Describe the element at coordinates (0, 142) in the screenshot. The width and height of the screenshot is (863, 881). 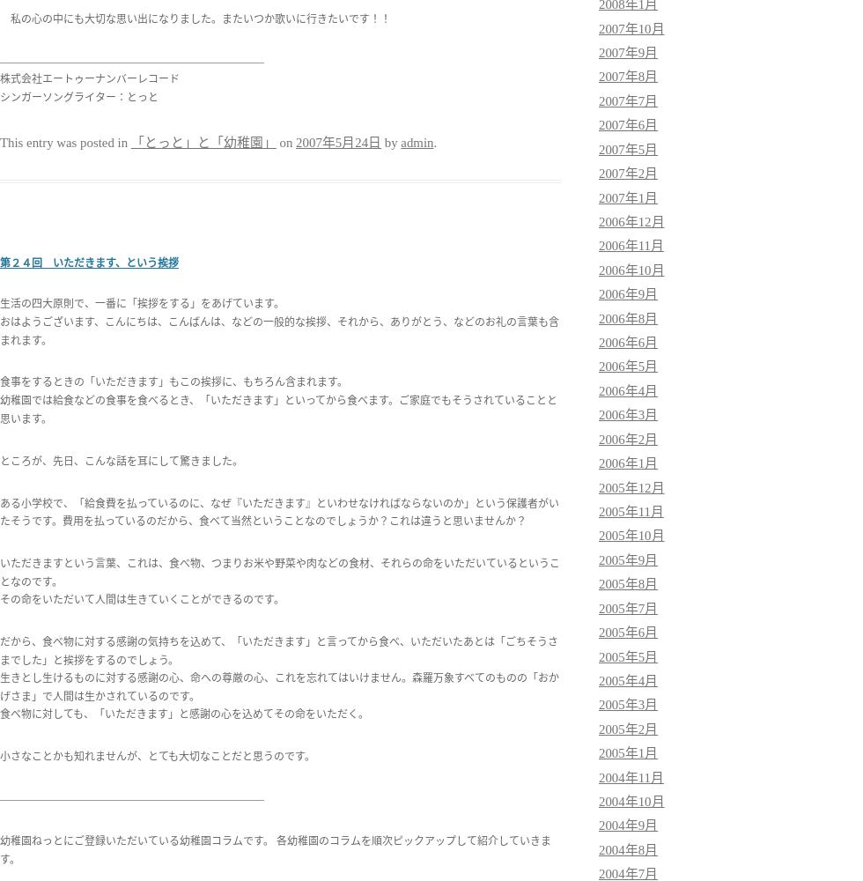
I see `'This entry was posted in'` at that location.